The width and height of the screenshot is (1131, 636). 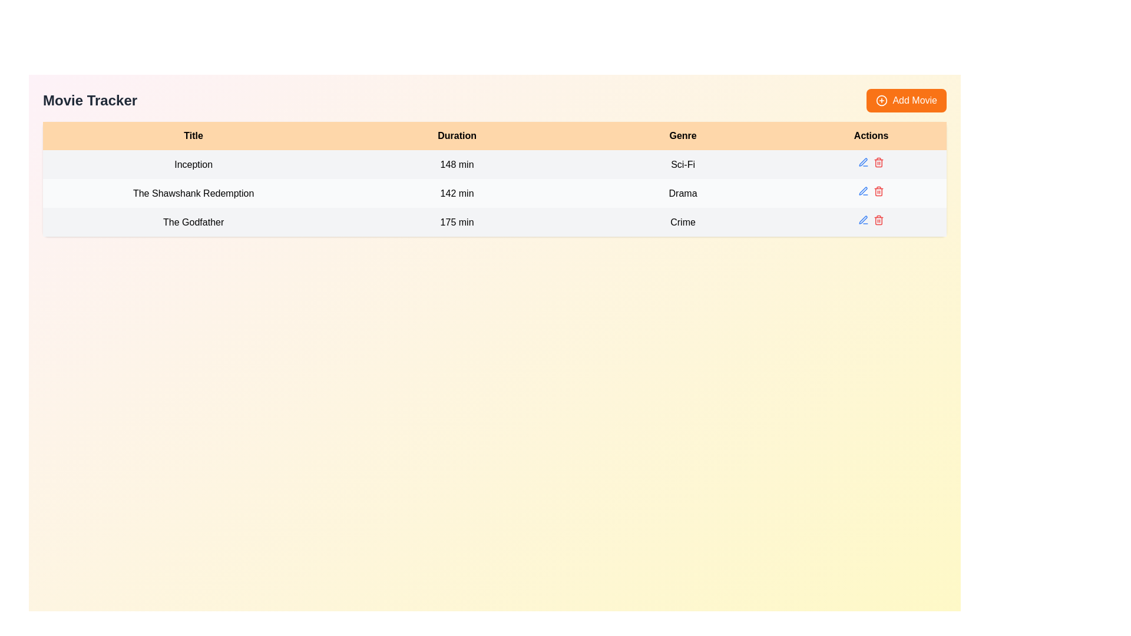 What do you see at coordinates (193, 193) in the screenshot?
I see `the text label displaying 'The Shawshank Redemption', located in the first text column of the second row under the 'Title' column header` at bounding box center [193, 193].